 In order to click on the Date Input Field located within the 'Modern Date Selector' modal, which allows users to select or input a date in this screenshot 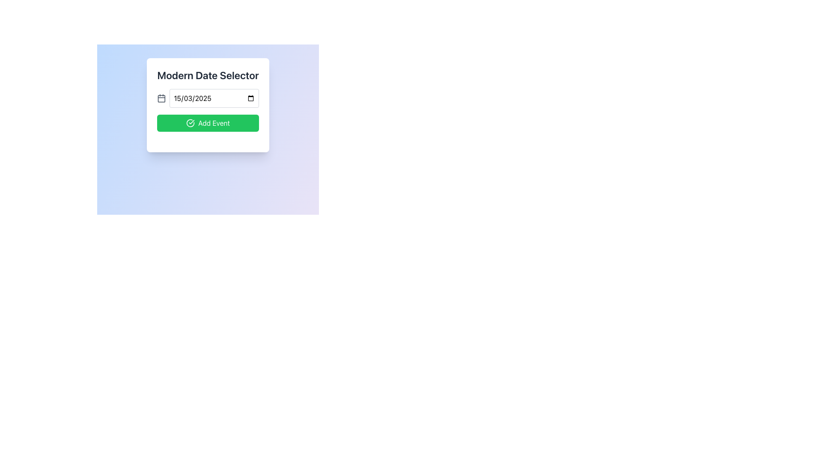, I will do `click(214, 98)`.